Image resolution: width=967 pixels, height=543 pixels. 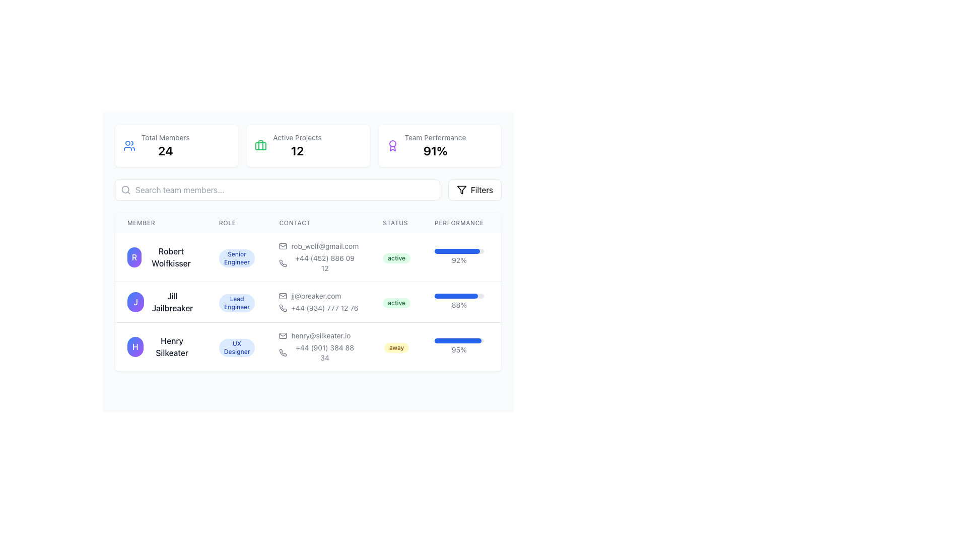 I want to click on the 'active' badge styled label in the 'Status' column for 'Robert Wolfkisser', which has a green background and text, so click(x=396, y=257).